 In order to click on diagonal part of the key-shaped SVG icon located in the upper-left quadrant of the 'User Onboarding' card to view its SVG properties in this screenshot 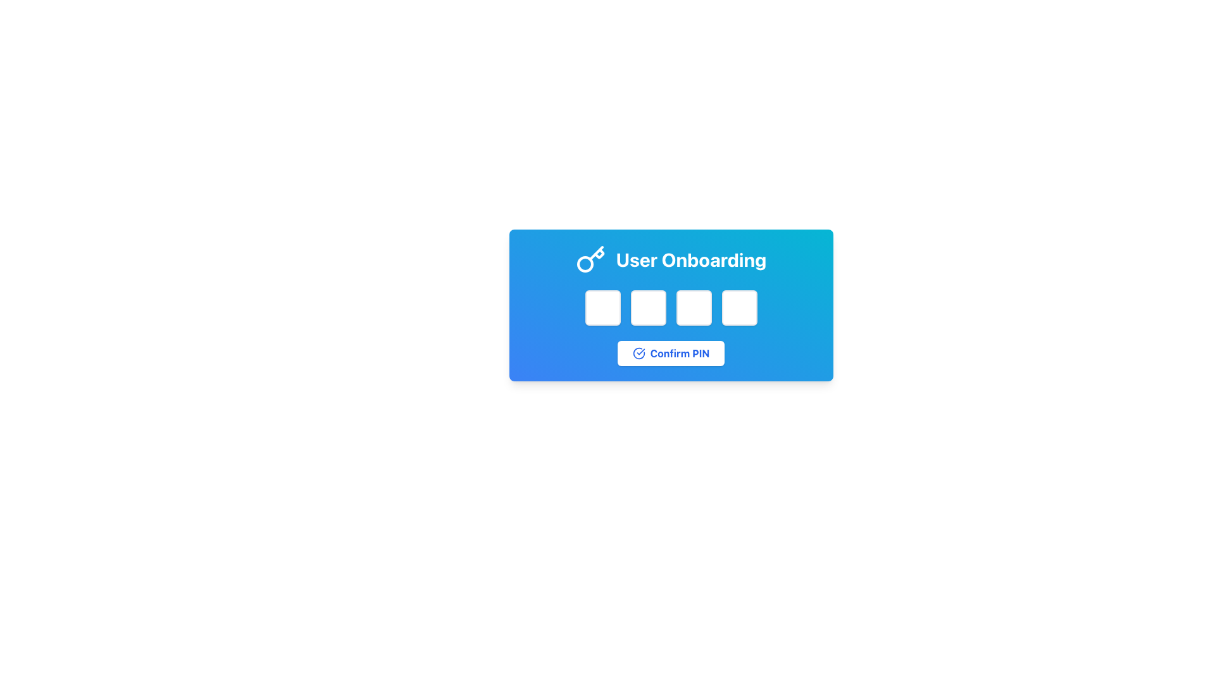, I will do `click(595, 253)`.